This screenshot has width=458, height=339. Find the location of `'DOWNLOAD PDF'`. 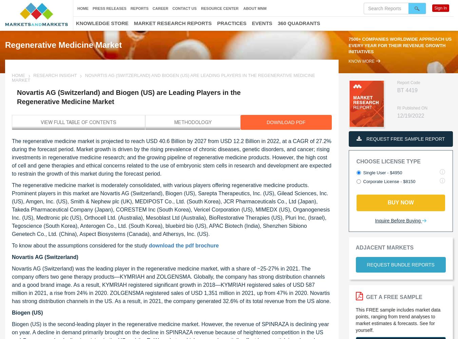

'DOWNLOAD PDF' is located at coordinates (286, 122).